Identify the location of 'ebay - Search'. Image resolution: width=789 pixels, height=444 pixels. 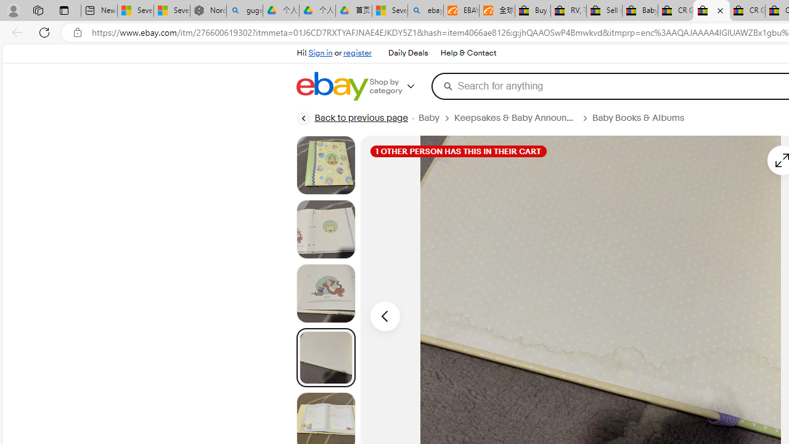
(425, 10).